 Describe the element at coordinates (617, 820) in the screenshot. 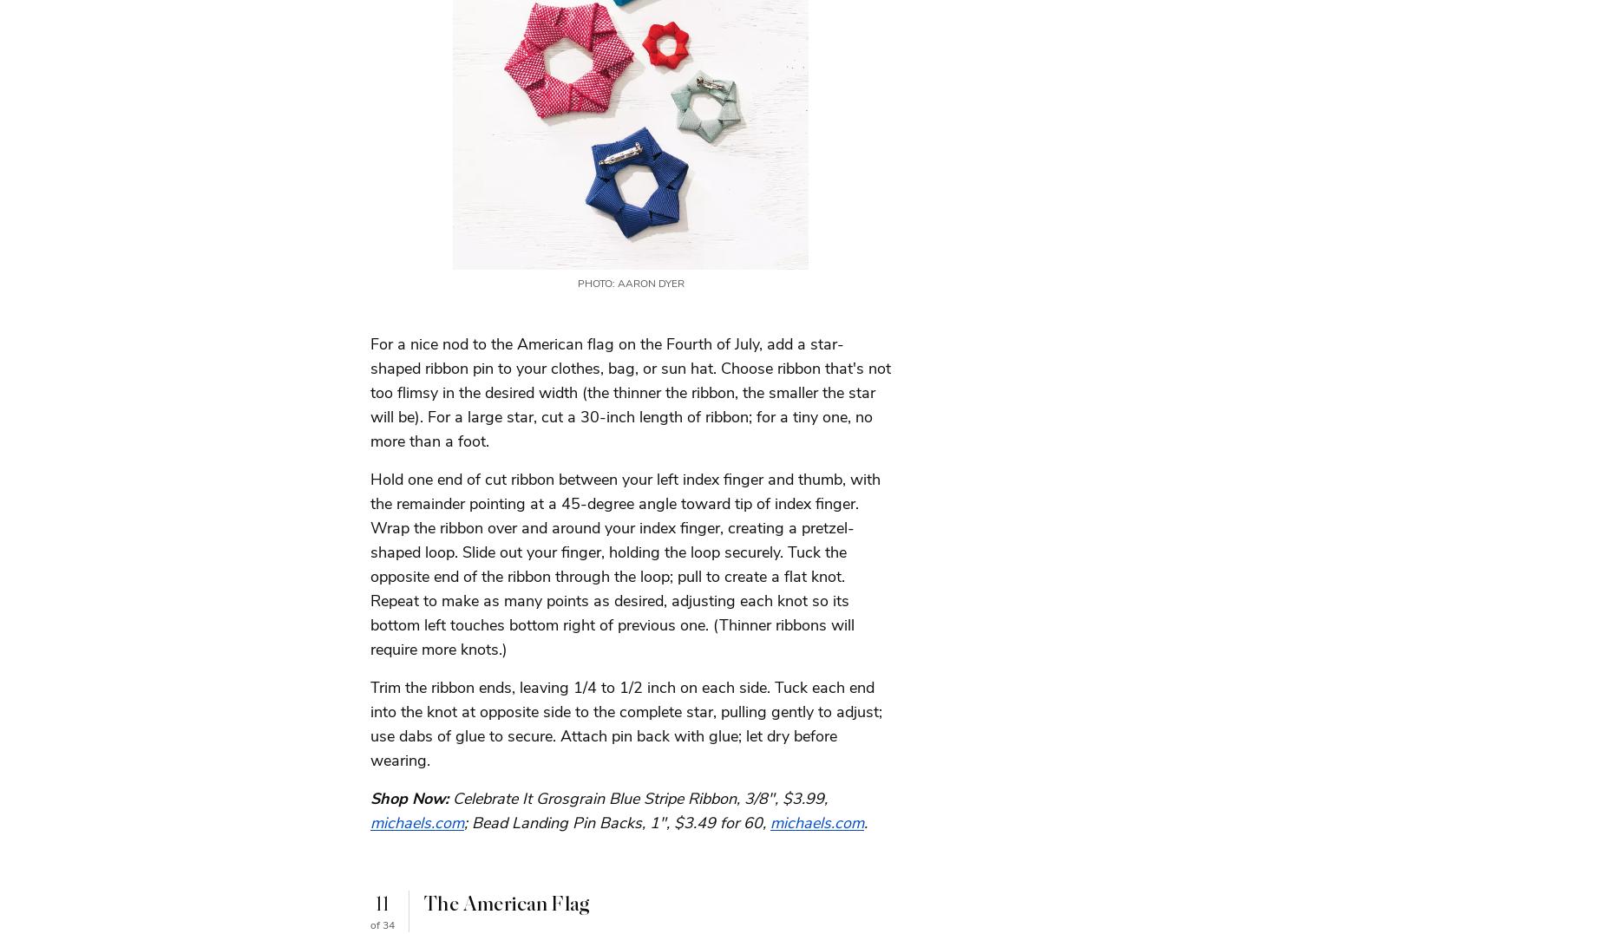

I see `'; Bead Landing Pin Backs, 1", $3.49 for 60,'` at that location.